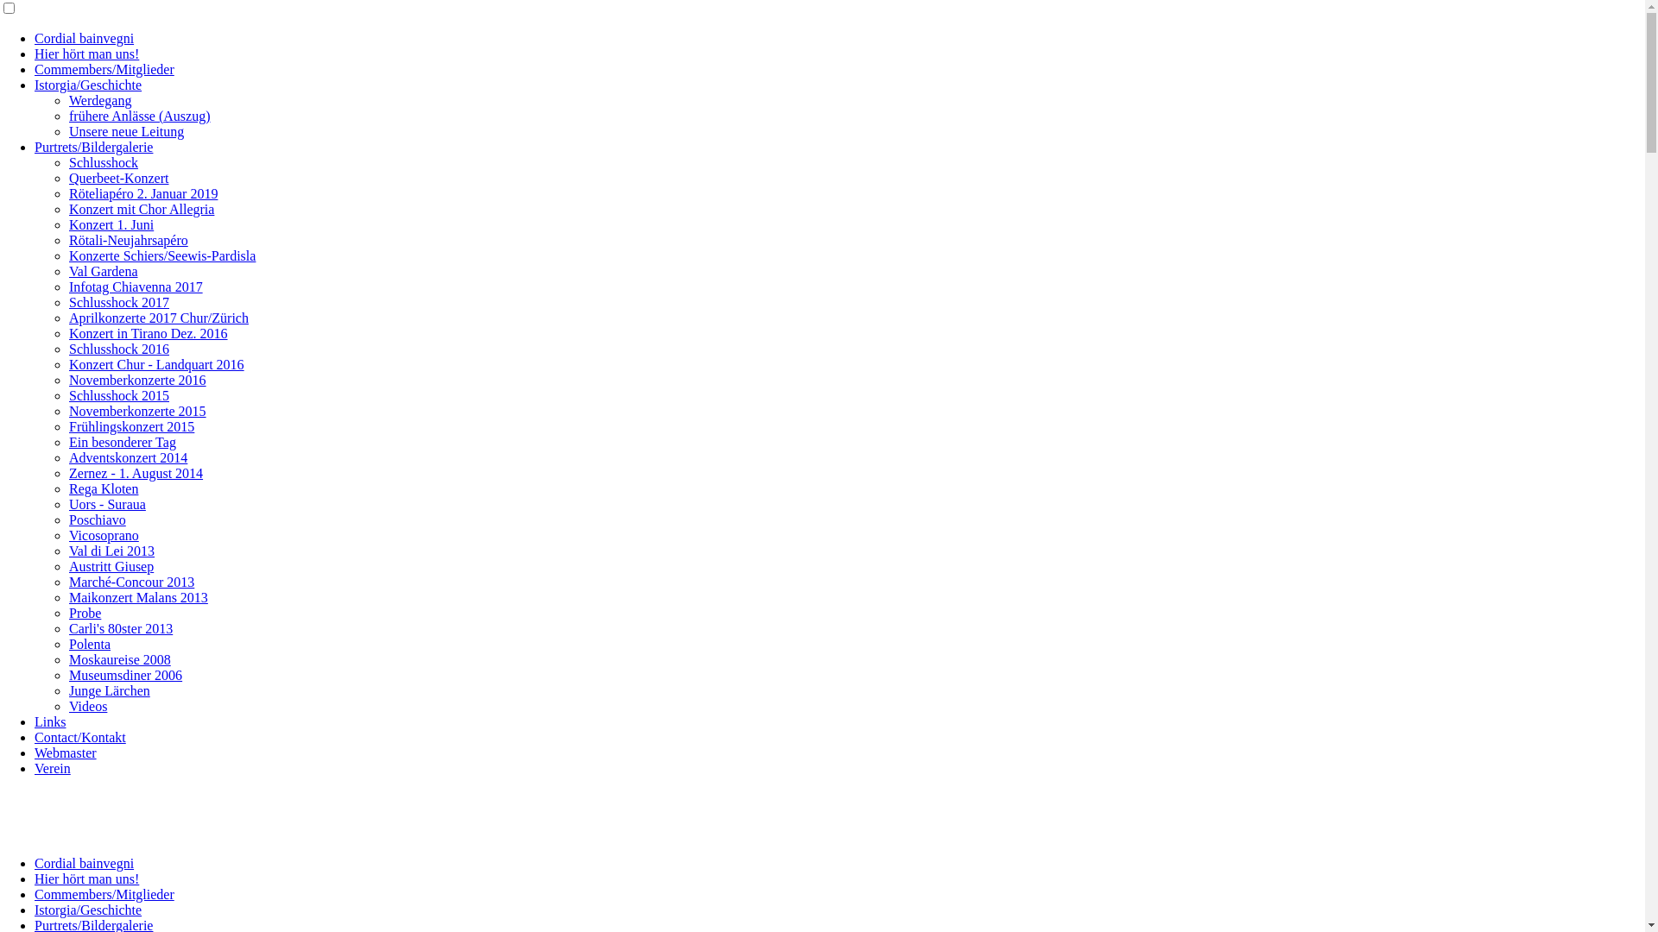 This screenshot has width=1658, height=932. Describe the element at coordinates (89, 644) in the screenshot. I see `'Polenta'` at that location.